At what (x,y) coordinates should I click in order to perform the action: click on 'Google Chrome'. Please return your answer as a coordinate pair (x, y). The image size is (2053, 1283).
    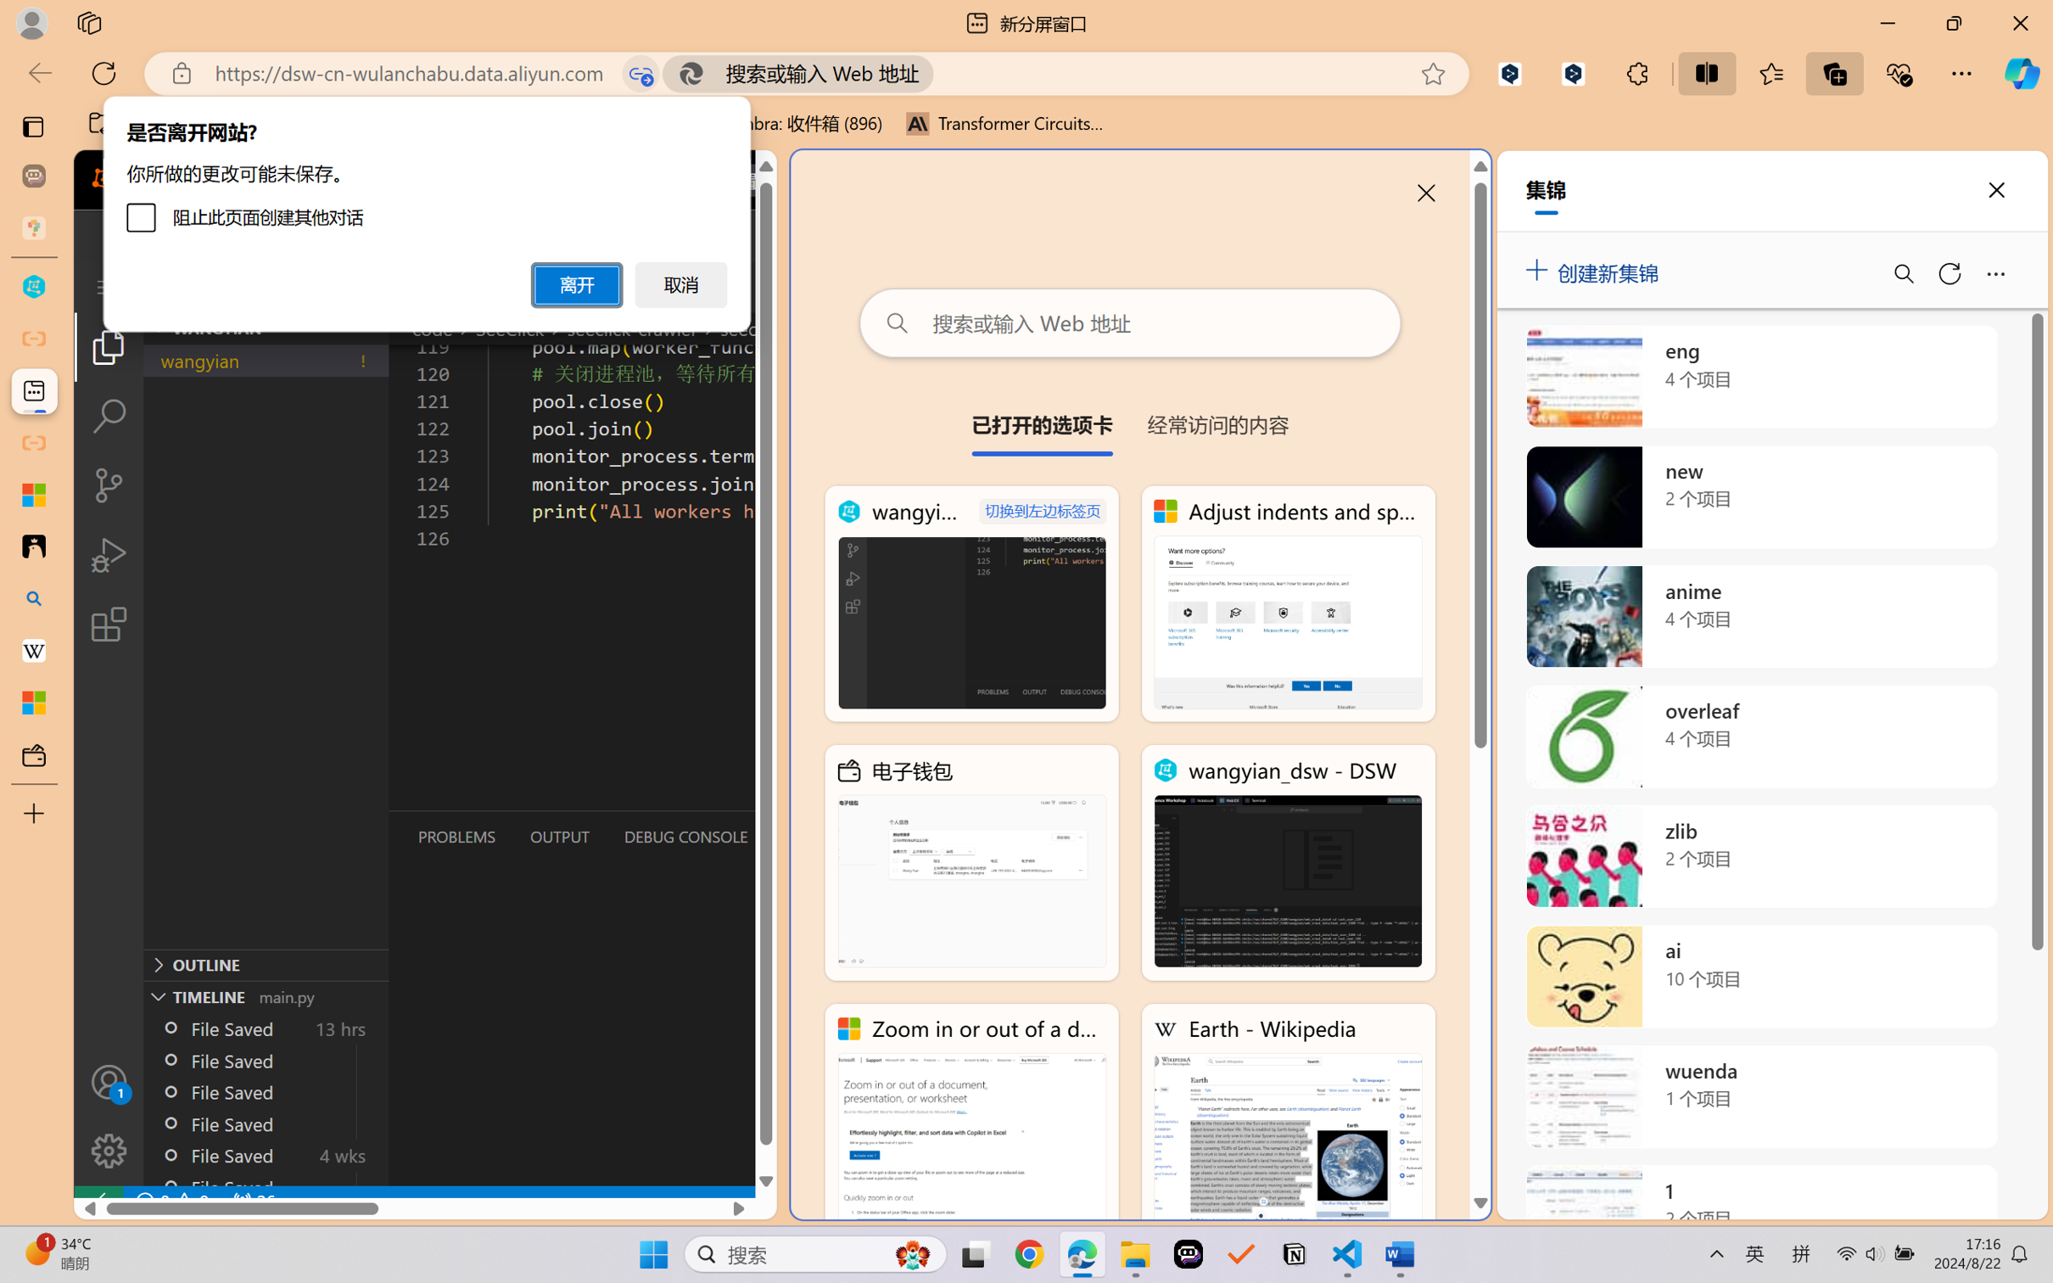
    Looking at the image, I should click on (1029, 1254).